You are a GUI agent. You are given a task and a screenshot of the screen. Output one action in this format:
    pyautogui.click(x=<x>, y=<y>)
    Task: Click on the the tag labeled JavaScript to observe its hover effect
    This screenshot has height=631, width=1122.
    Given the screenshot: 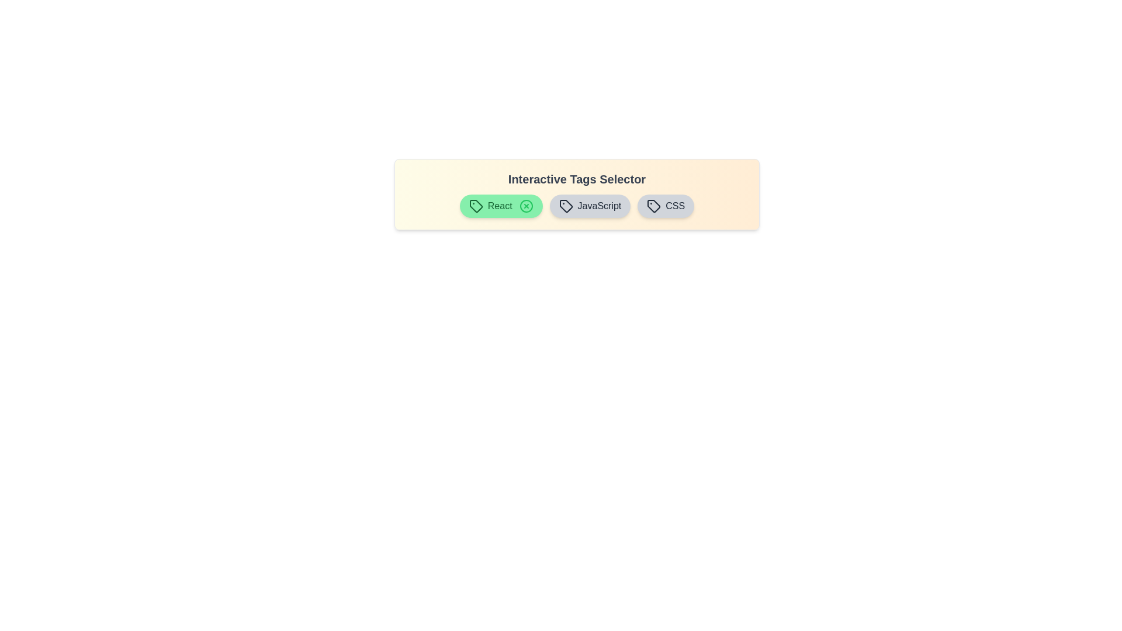 What is the action you would take?
    pyautogui.click(x=590, y=206)
    